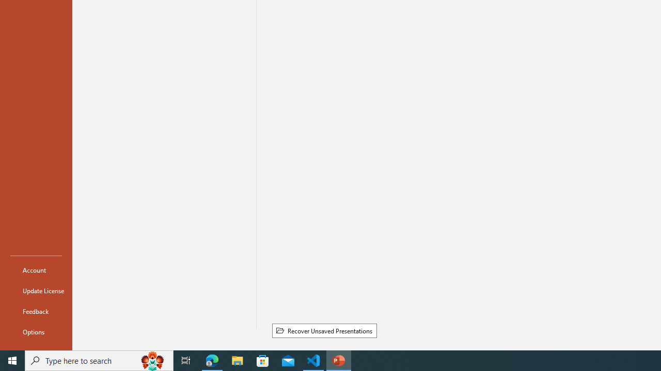 The image size is (661, 371). Describe the element at coordinates (36, 311) in the screenshot. I see `'Feedback'` at that location.